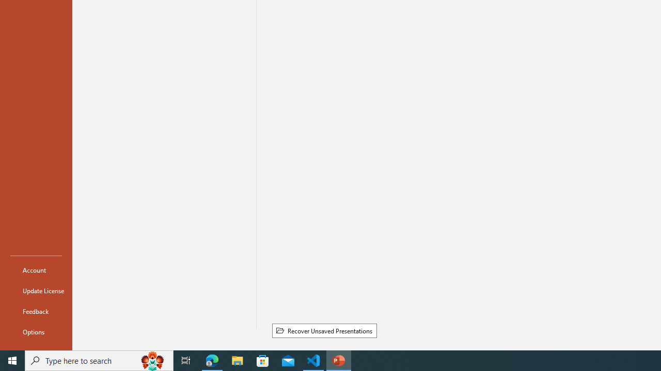 The image size is (661, 371). Describe the element at coordinates (36, 311) in the screenshot. I see `'Feedback'` at that location.